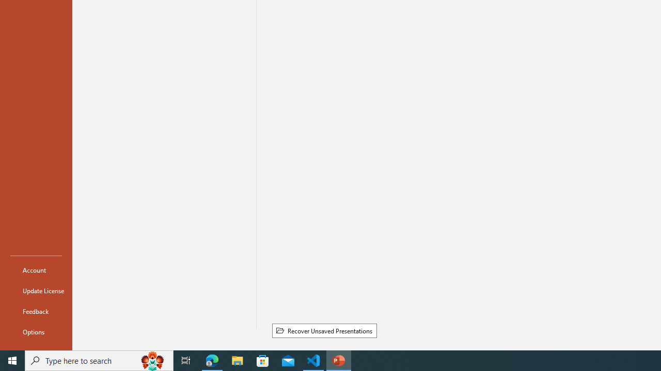 The image size is (661, 371). Describe the element at coordinates (36, 311) in the screenshot. I see `'Feedback'` at that location.